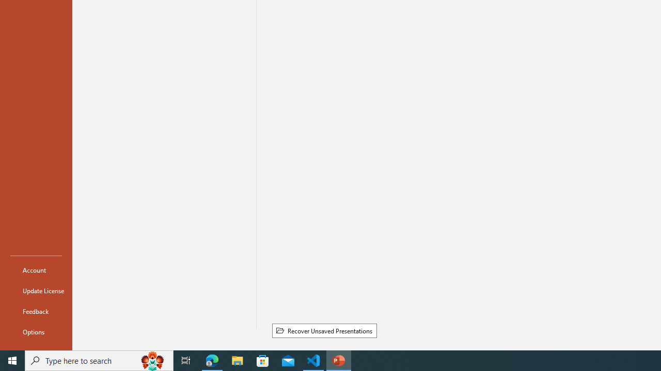 The image size is (661, 371). Describe the element at coordinates (36, 311) in the screenshot. I see `'Feedback'` at that location.